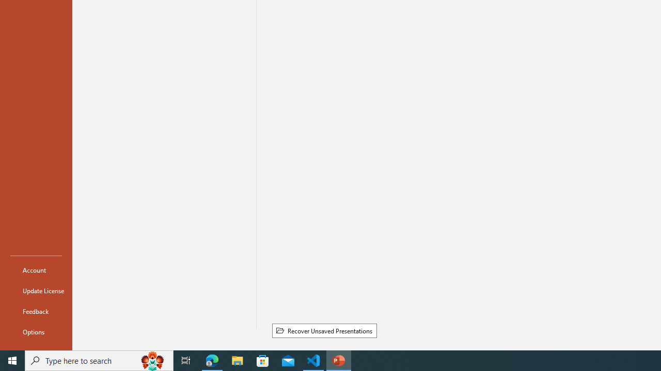 The image size is (661, 371). Describe the element at coordinates (36, 311) in the screenshot. I see `'Feedback'` at that location.